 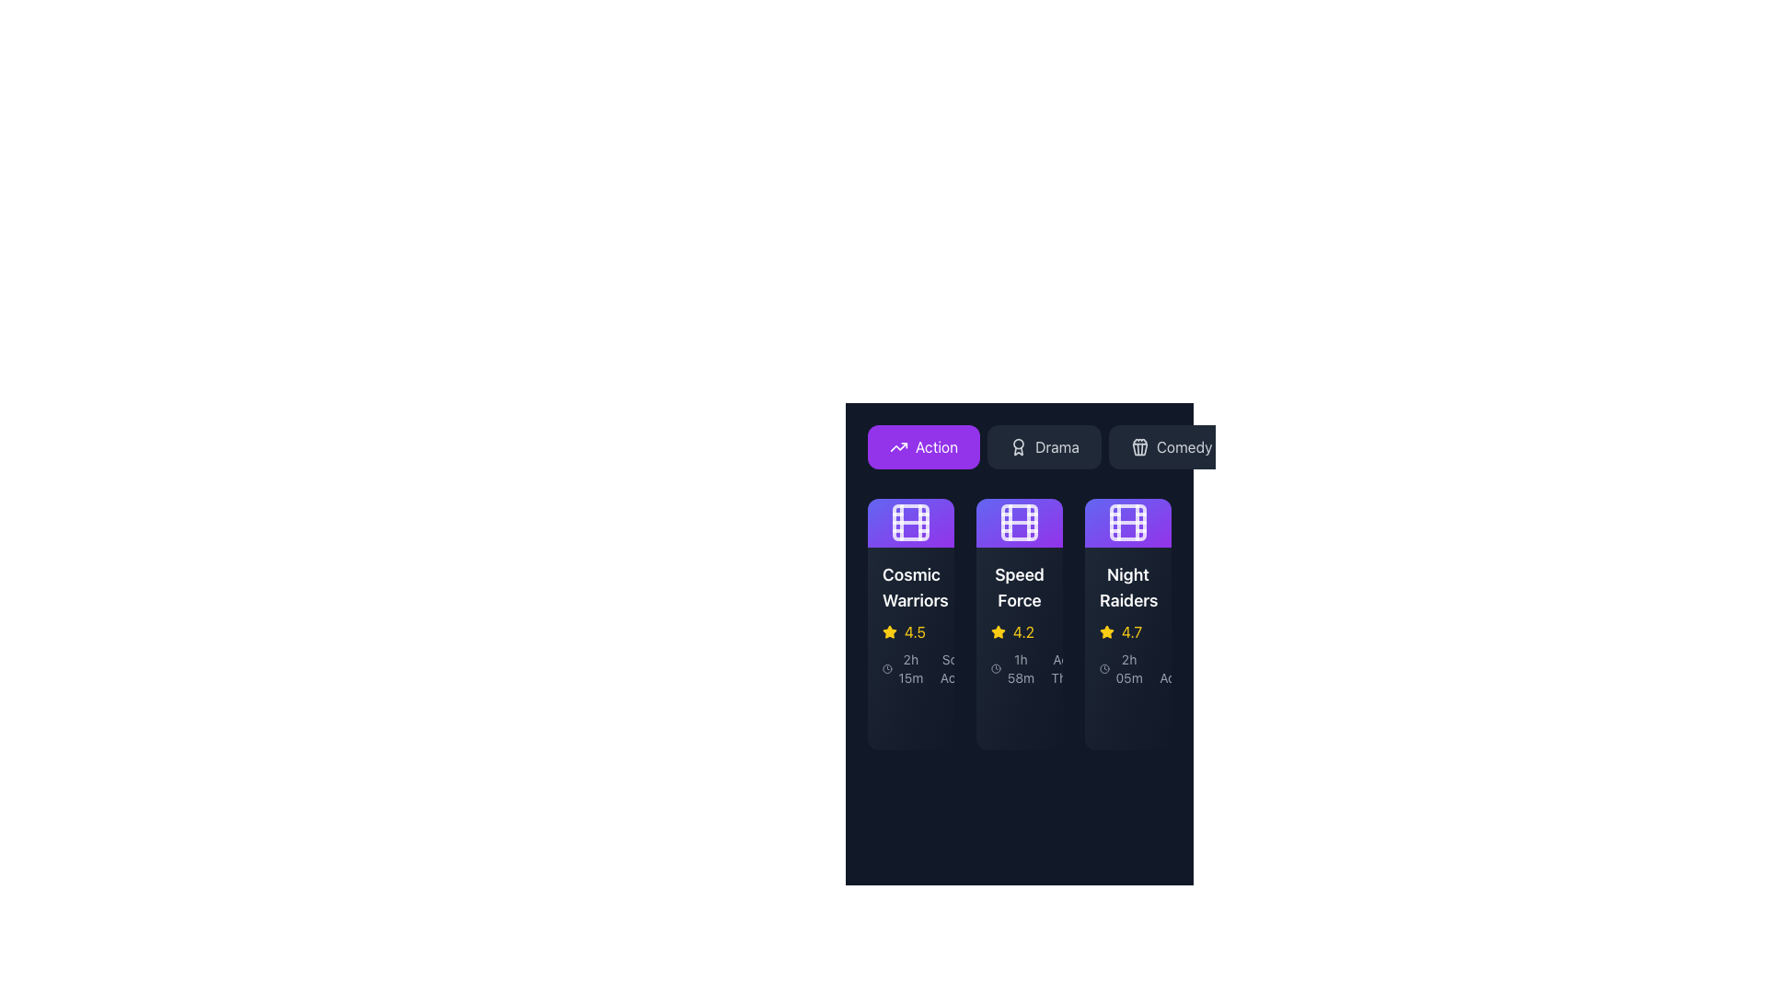 I want to click on the central media icon representing the film 'Speed Force', located between 'Cosmic Warriors' and 'Night Raiders', so click(x=1019, y=522).